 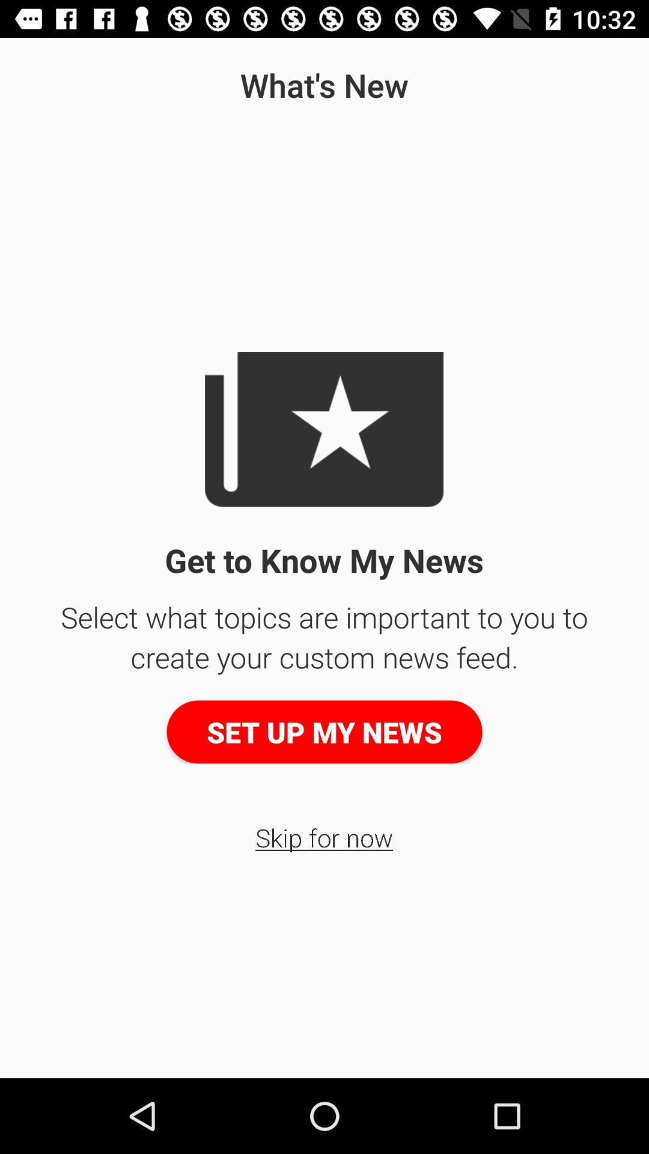 What do you see at coordinates (324, 731) in the screenshot?
I see `set up my item` at bounding box center [324, 731].